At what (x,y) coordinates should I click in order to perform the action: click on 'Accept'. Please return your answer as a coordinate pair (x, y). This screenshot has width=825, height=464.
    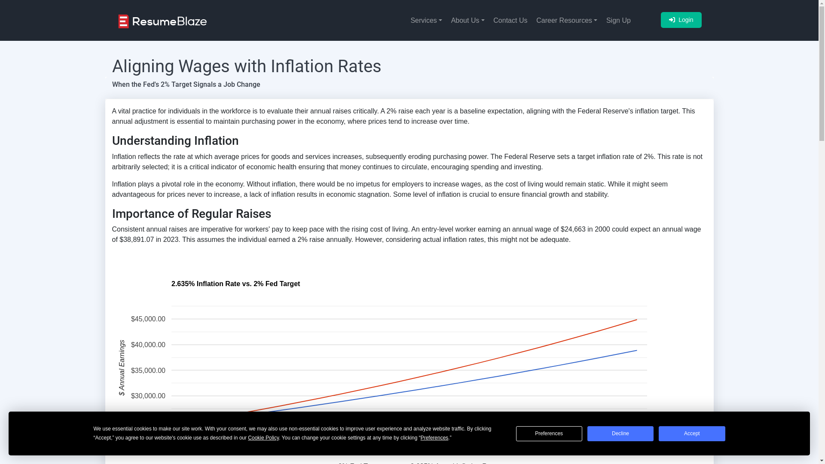
    Looking at the image, I should click on (691, 433).